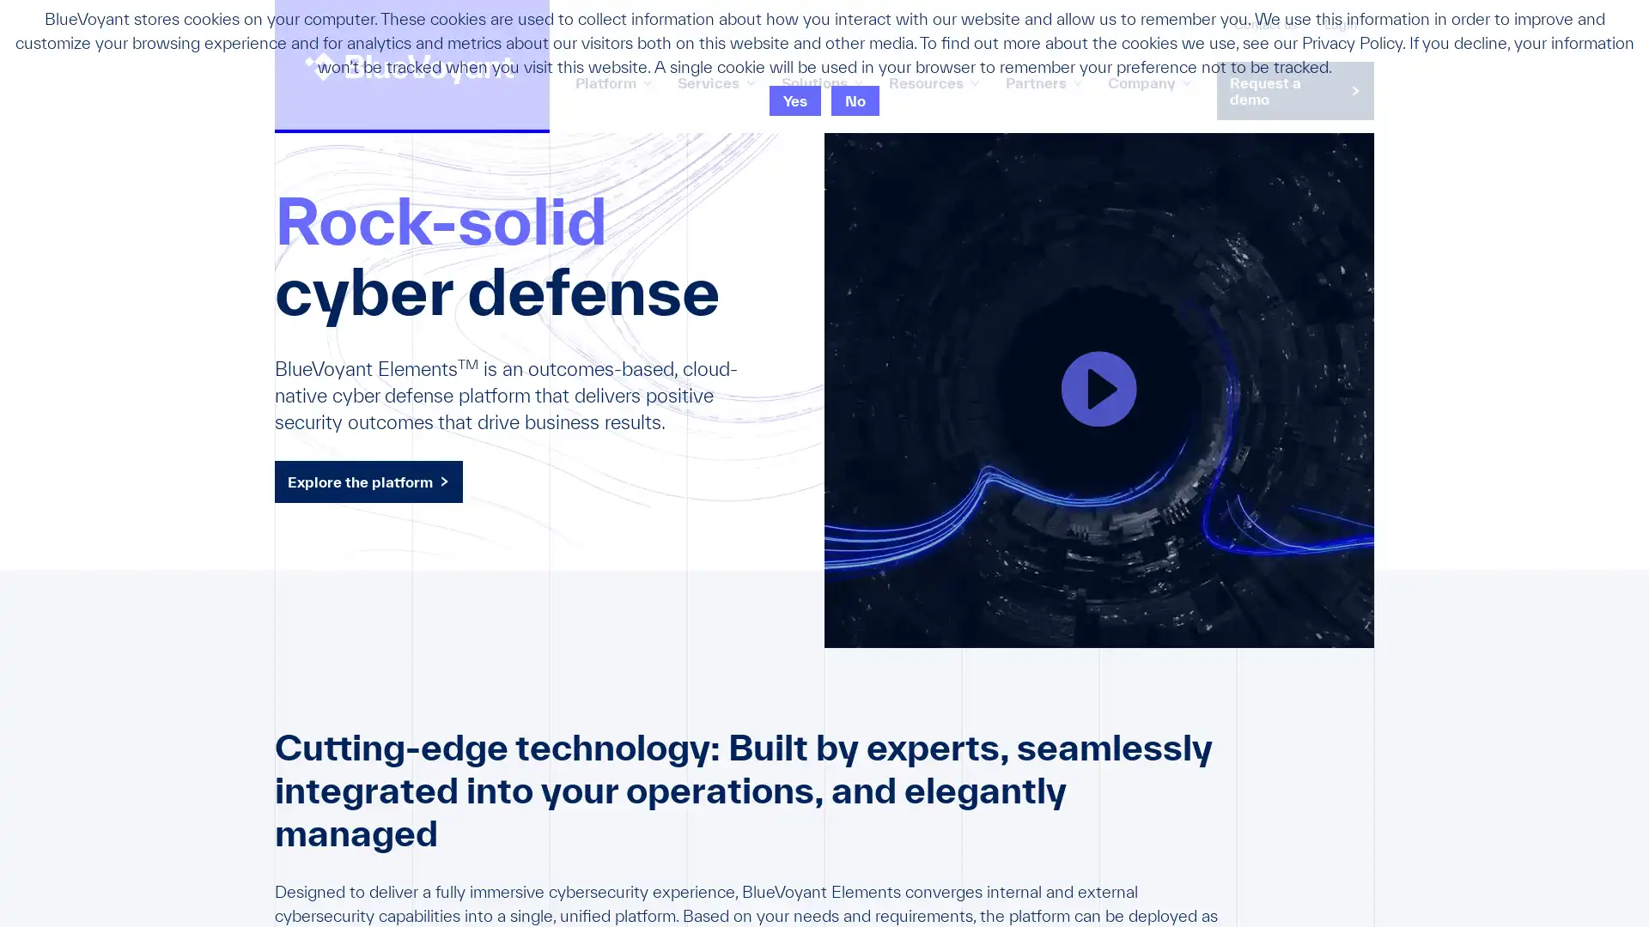 The width and height of the screenshot is (1649, 927). Describe the element at coordinates (933, 82) in the screenshot. I see `Resources Open Resources` at that location.